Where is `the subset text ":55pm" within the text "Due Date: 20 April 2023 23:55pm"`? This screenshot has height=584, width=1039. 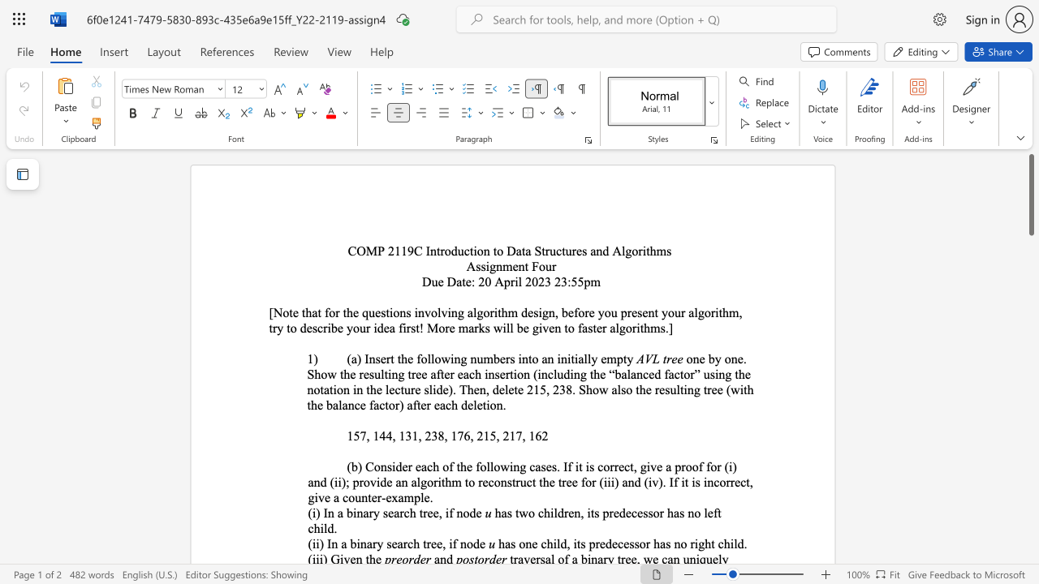
the subset text ":55pm" within the text "Due Date: 20 April 2023 23:55pm" is located at coordinates (567, 281).